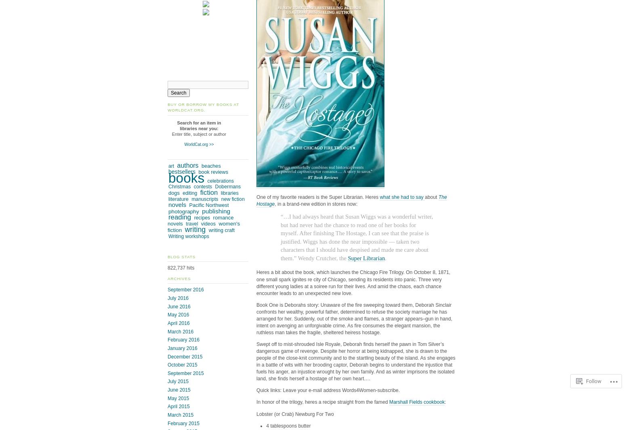 This screenshot has height=430, width=626. Describe the element at coordinates (182, 365) in the screenshot. I see `'October 2015'` at that location.